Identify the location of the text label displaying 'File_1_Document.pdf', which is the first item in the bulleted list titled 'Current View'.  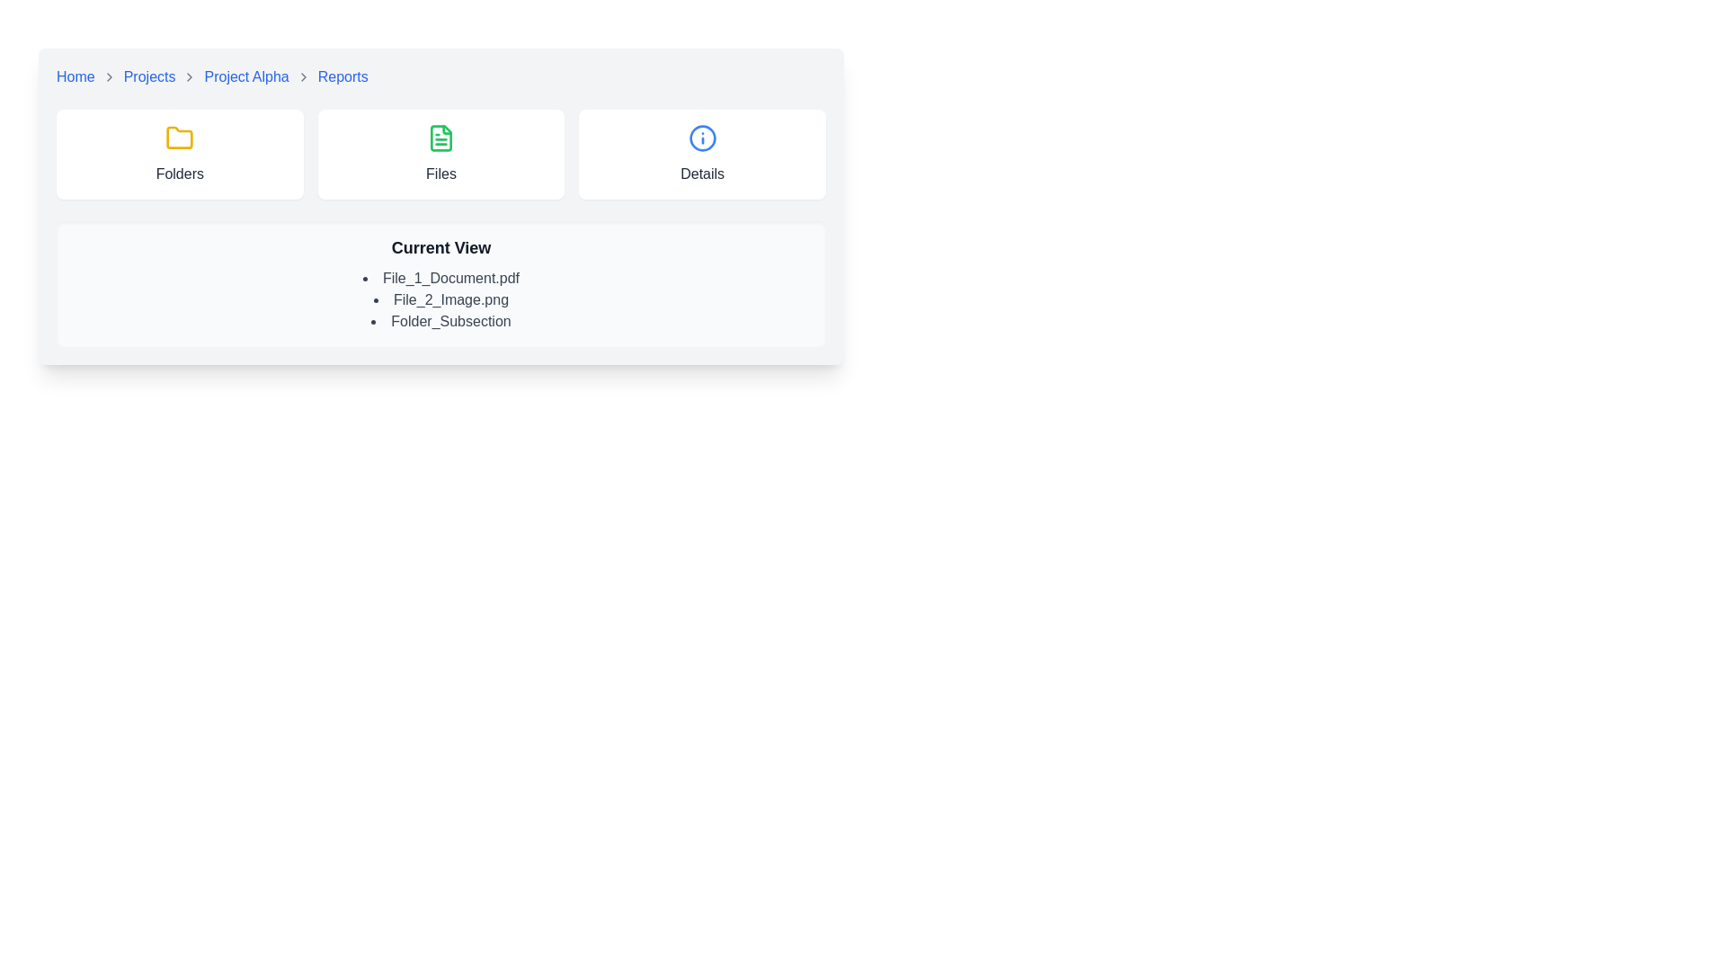
(440, 278).